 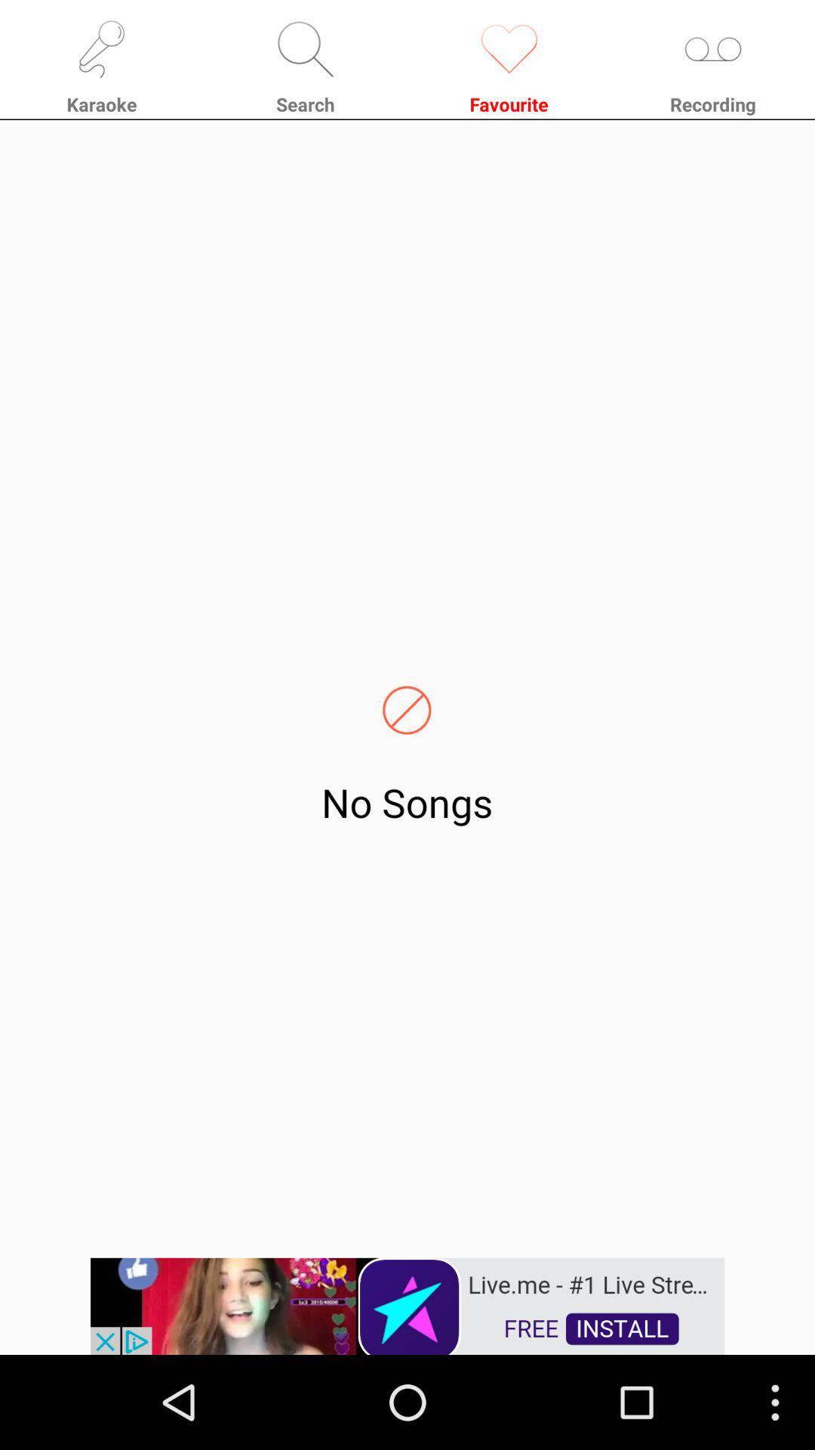 What do you see at coordinates (407, 1304) in the screenshot?
I see `remove the add` at bounding box center [407, 1304].